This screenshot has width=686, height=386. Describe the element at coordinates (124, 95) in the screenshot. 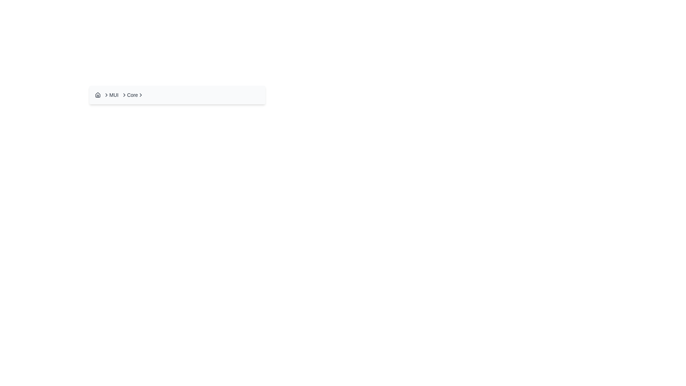

I see `the right-pointing chevron icon in the breadcrumb navigation bar that is positioned between the text labels 'MUI' and 'Core'` at that location.